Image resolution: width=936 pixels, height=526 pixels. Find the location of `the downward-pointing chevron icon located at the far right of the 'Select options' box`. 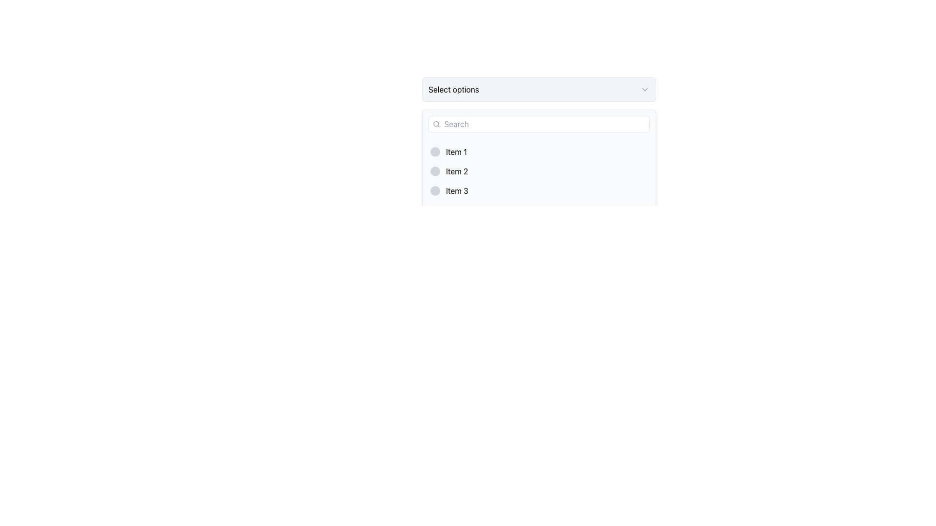

the downward-pointing chevron icon located at the far right of the 'Select options' box is located at coordinates (645, 90).